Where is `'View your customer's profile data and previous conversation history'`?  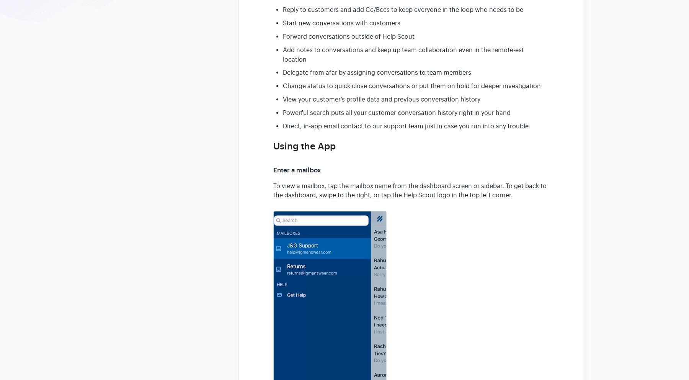 'View your customer's profile data and previous conversation history' is located at coordinates (381, 99).